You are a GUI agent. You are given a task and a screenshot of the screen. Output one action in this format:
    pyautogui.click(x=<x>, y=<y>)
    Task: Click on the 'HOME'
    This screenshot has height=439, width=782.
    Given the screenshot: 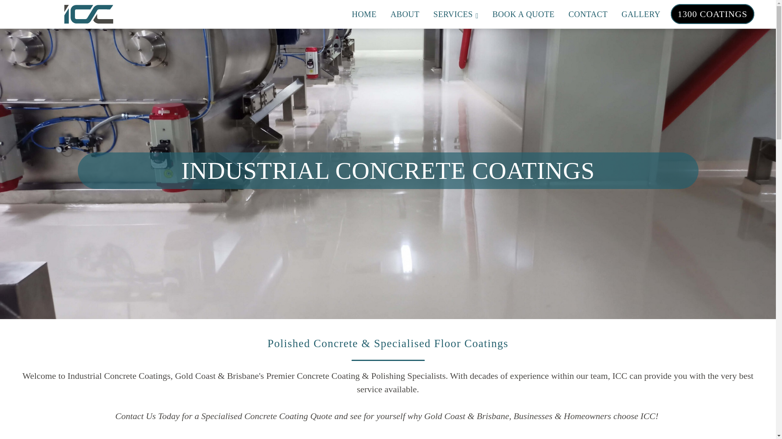 What is the action you would take?
    pyautogui.click(x=364, y=14)
    